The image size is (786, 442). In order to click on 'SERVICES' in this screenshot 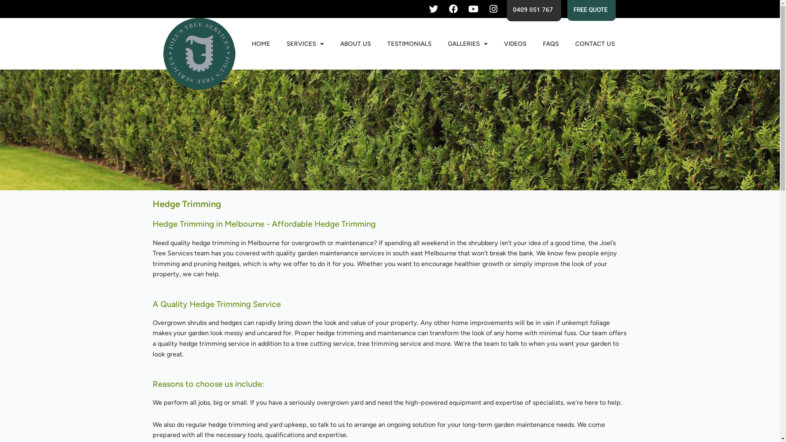, I will do `click(305, 44)`.